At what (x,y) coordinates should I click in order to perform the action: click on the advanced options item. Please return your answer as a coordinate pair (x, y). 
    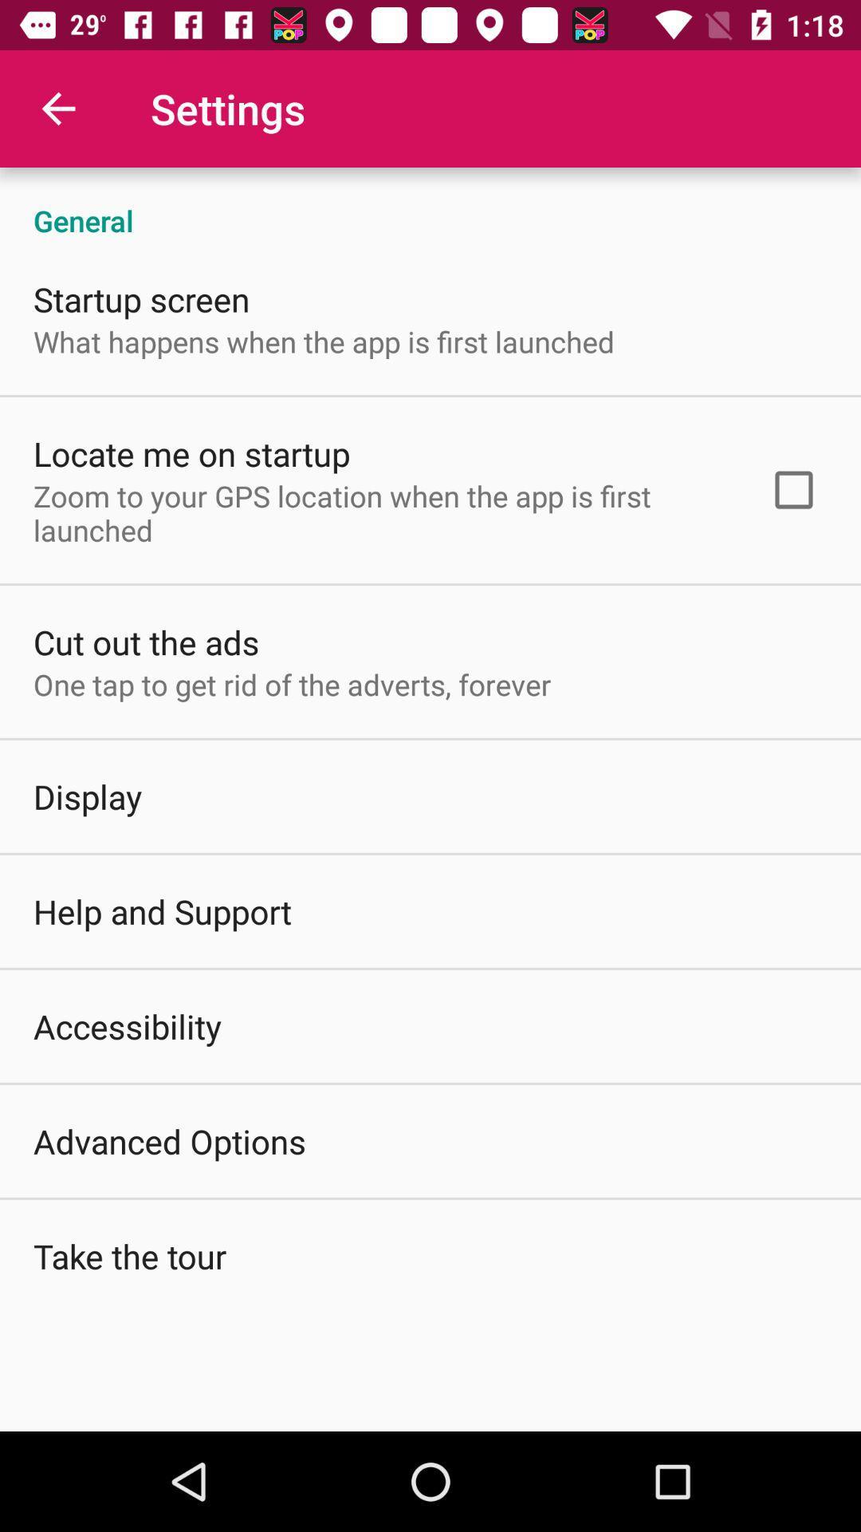
    Looking at the image, I should click on (169, 1140).